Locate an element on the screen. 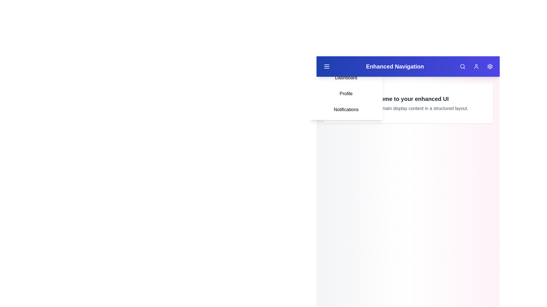 The image size is (547, 307). the user button in the app bar is located at coordinates (476, 66).